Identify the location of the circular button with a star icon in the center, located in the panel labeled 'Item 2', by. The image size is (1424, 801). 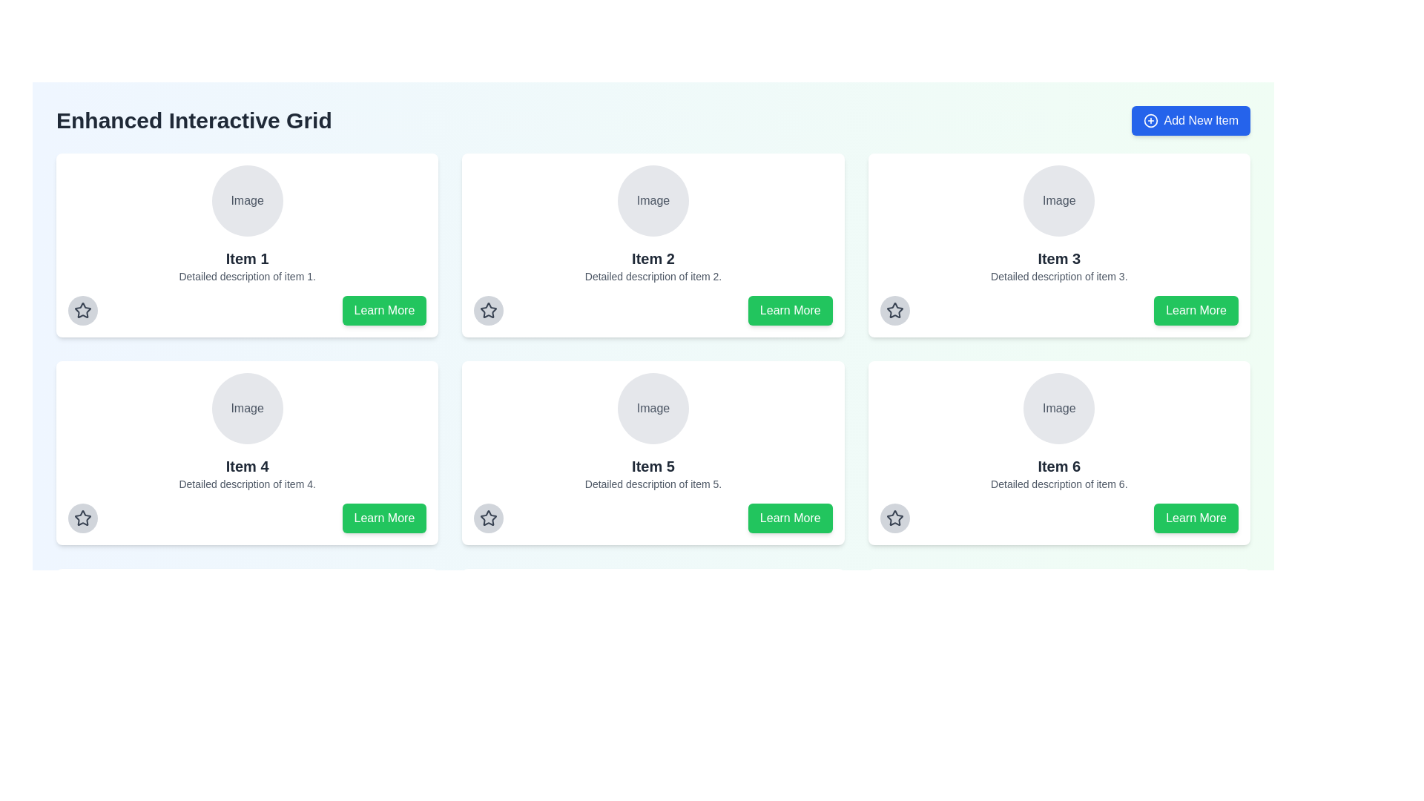
(489, 310).